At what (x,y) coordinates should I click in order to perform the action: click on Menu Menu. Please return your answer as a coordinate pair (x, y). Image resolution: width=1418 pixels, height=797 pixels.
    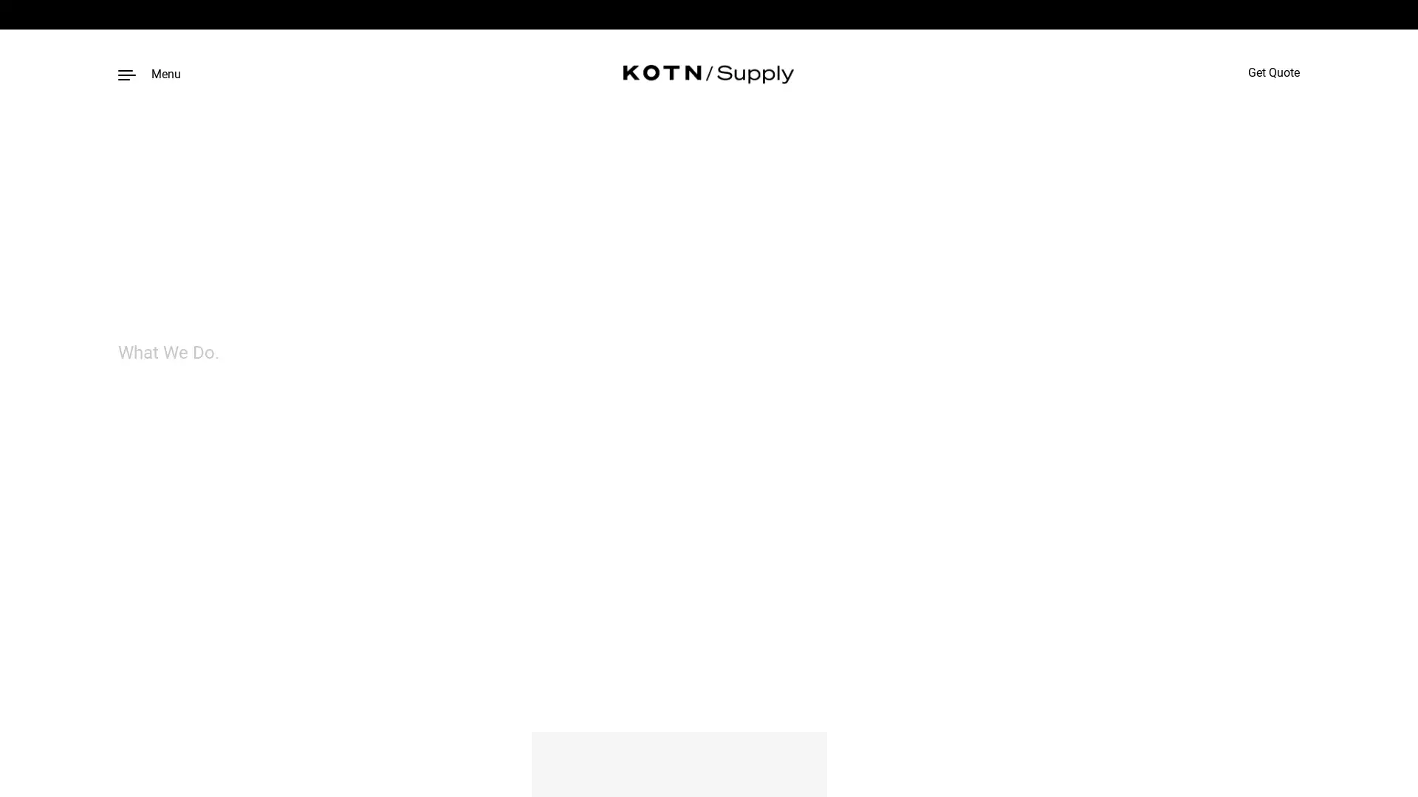
    Looking at the image, I should click on (149, 73).